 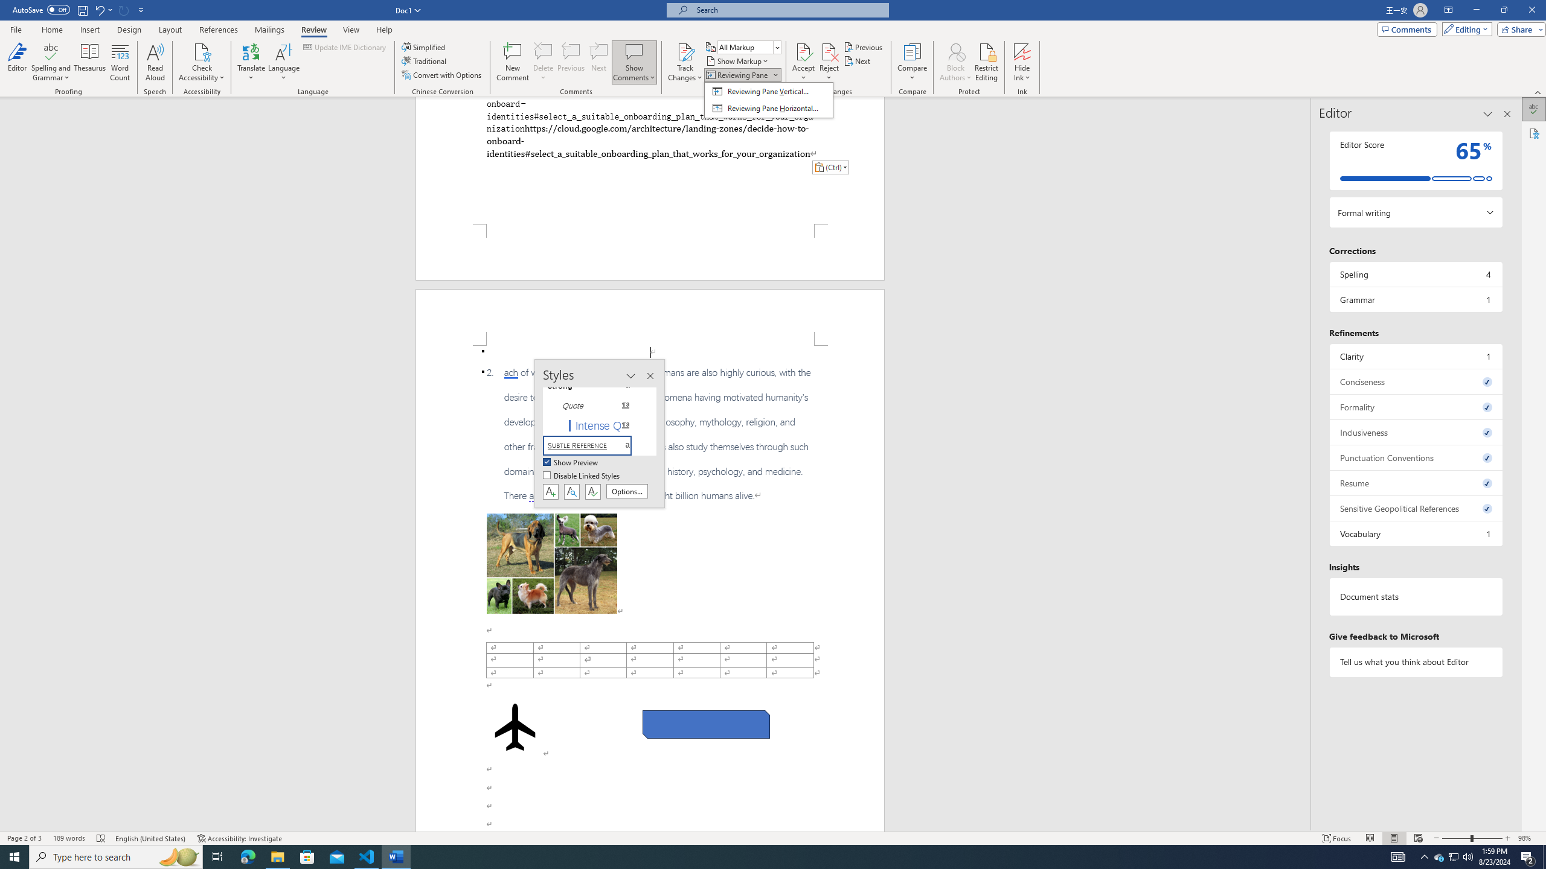 What do you see at coordinates (542, 62) in the screenshot?
I see `'Delete'` at bounding box center [542, 62].